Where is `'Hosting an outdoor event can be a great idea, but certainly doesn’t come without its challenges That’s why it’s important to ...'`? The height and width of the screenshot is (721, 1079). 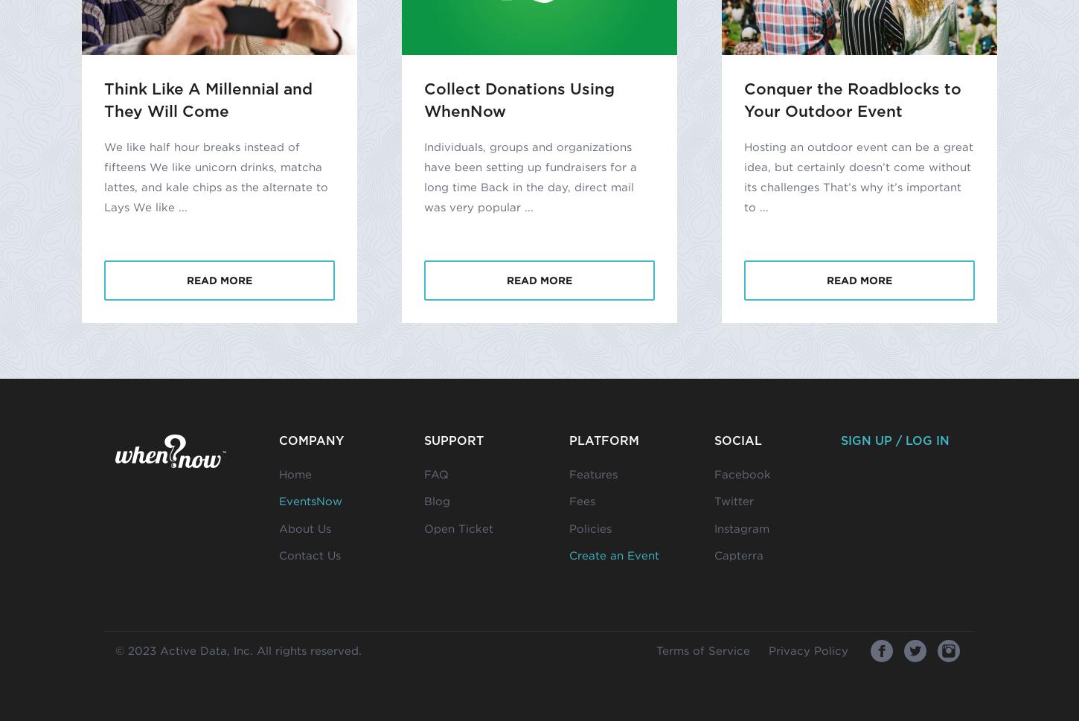
'Hosting an outdoor event can be a great idea, but certainly doesn’t come without its challenges That’s why it’s important to ...' is located at coordinates (858, 176).